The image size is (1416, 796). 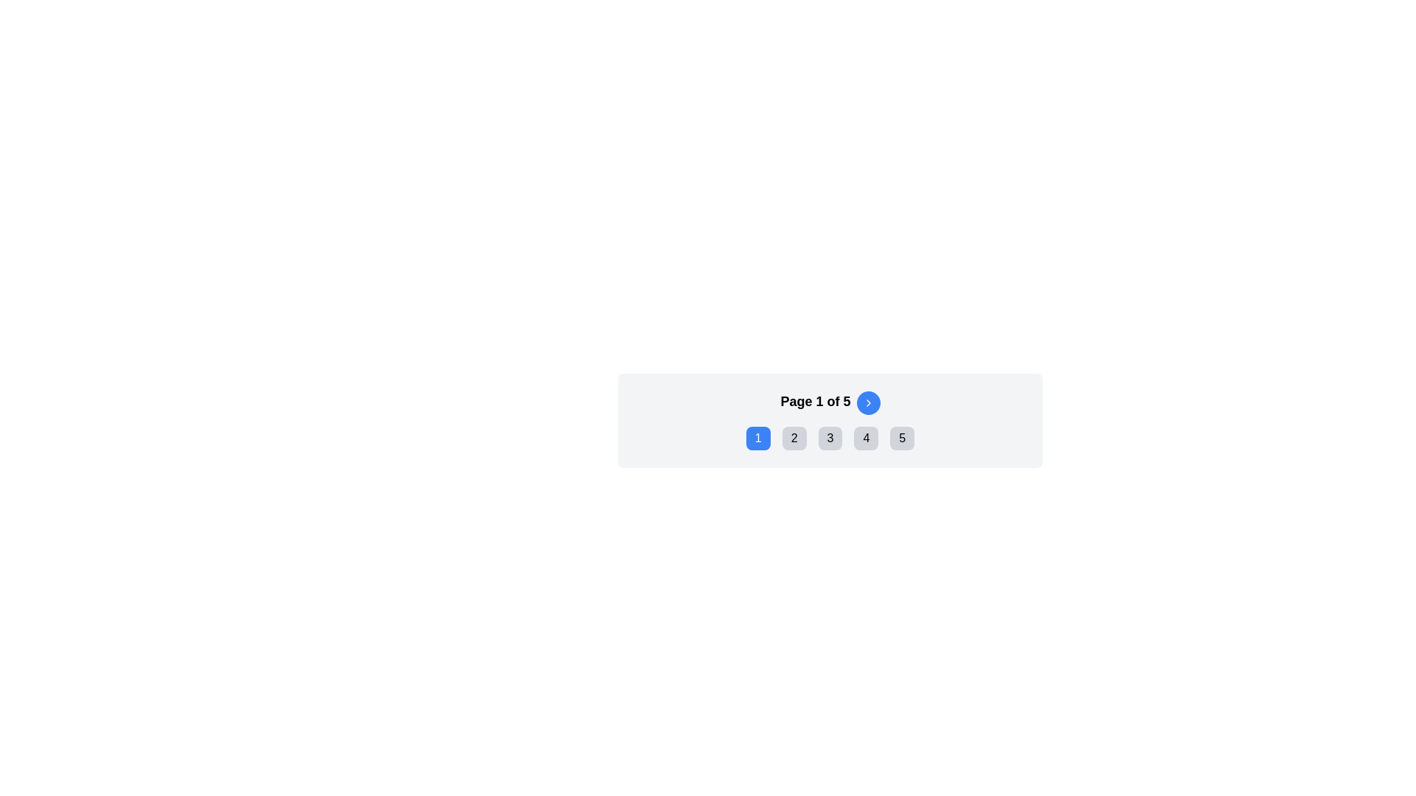 I want to click on text label indicating the current page number (1) out of total pages (5) located on the left side of the pagination group, so click(x=814, y=403).